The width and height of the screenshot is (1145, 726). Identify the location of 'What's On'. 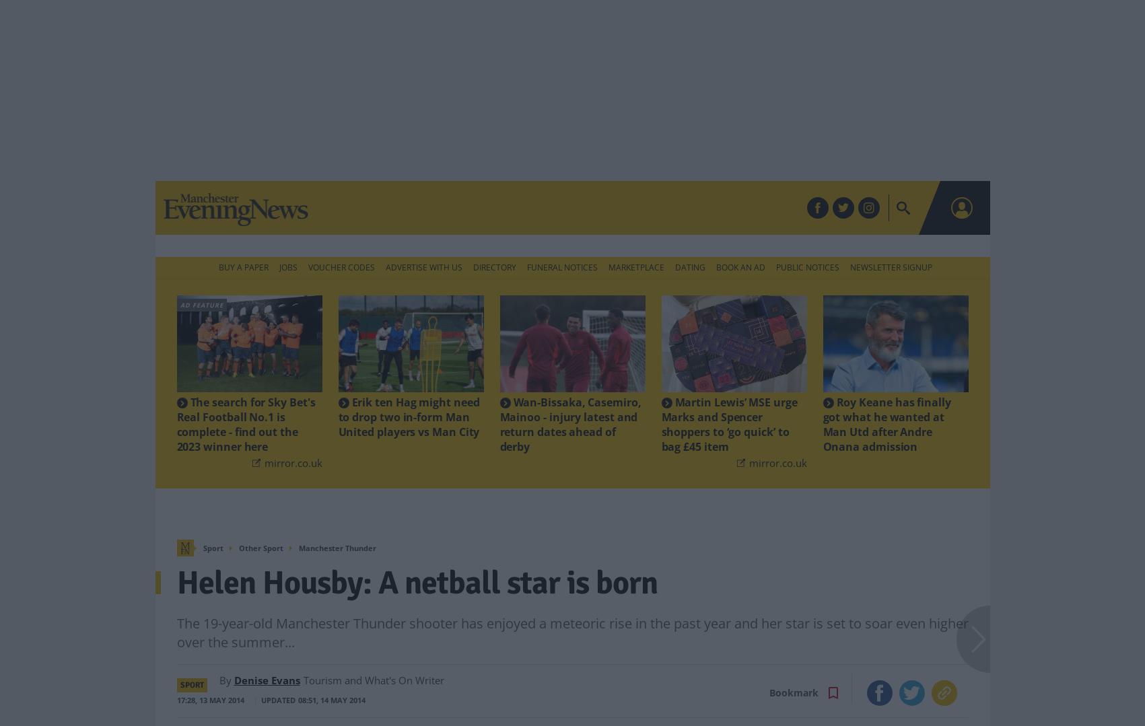
(623, 208).